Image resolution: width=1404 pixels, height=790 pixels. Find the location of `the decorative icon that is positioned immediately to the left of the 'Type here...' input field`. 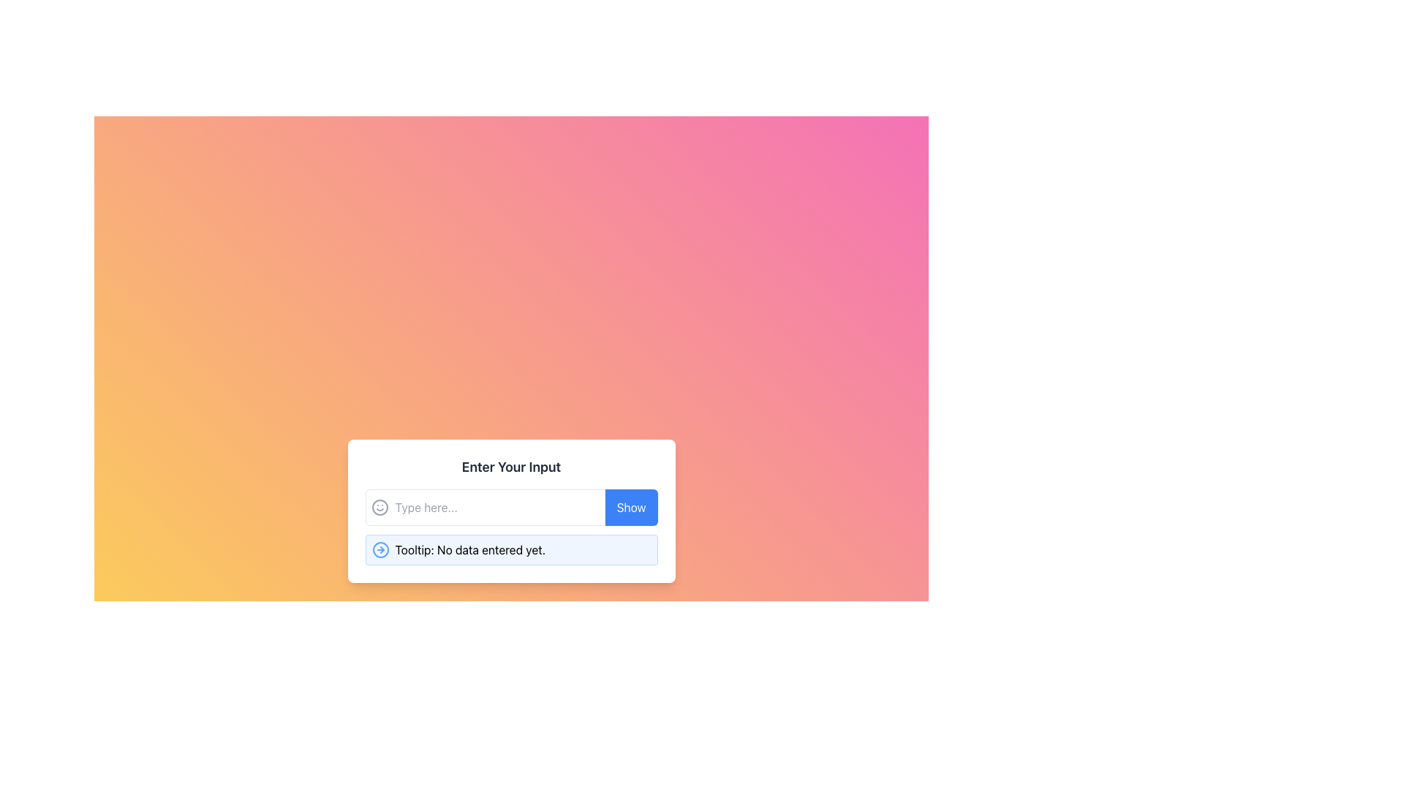

the decorative icon that is positioned immediately to the left of the 'Type here...' input field is located at coordinates (380, 507).